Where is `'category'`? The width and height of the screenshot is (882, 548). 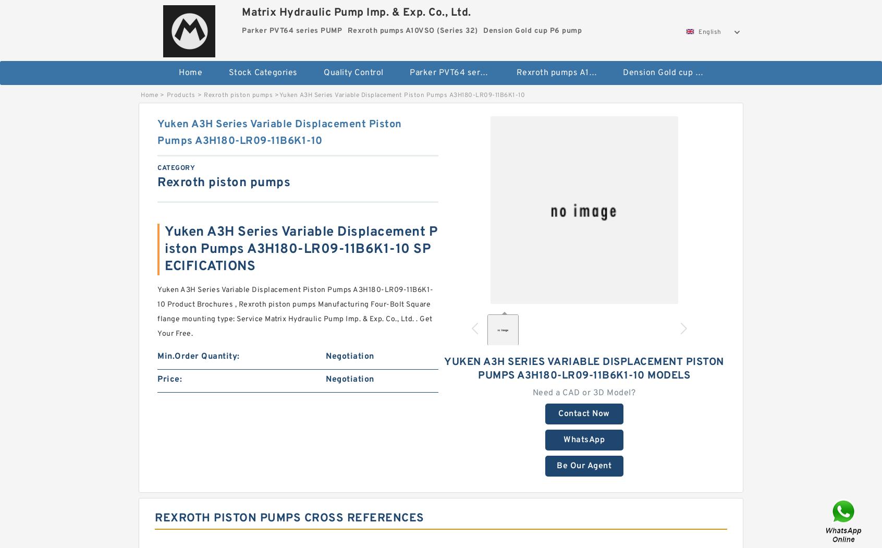 'category' is located at coordinates (176, 167).